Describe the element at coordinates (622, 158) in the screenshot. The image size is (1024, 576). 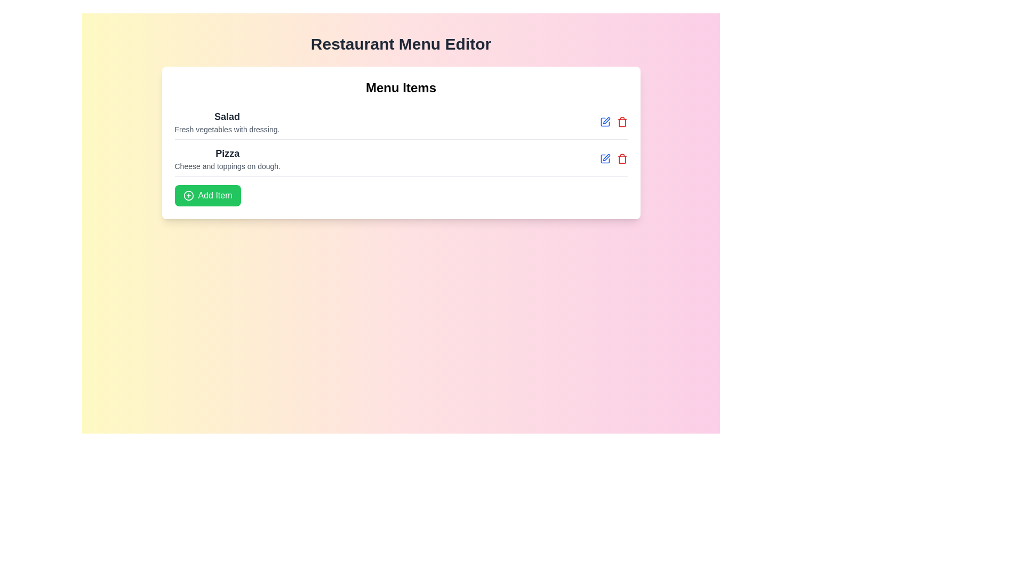
I see `trash icon next to the menu item named Pizza to remove it` at that location.